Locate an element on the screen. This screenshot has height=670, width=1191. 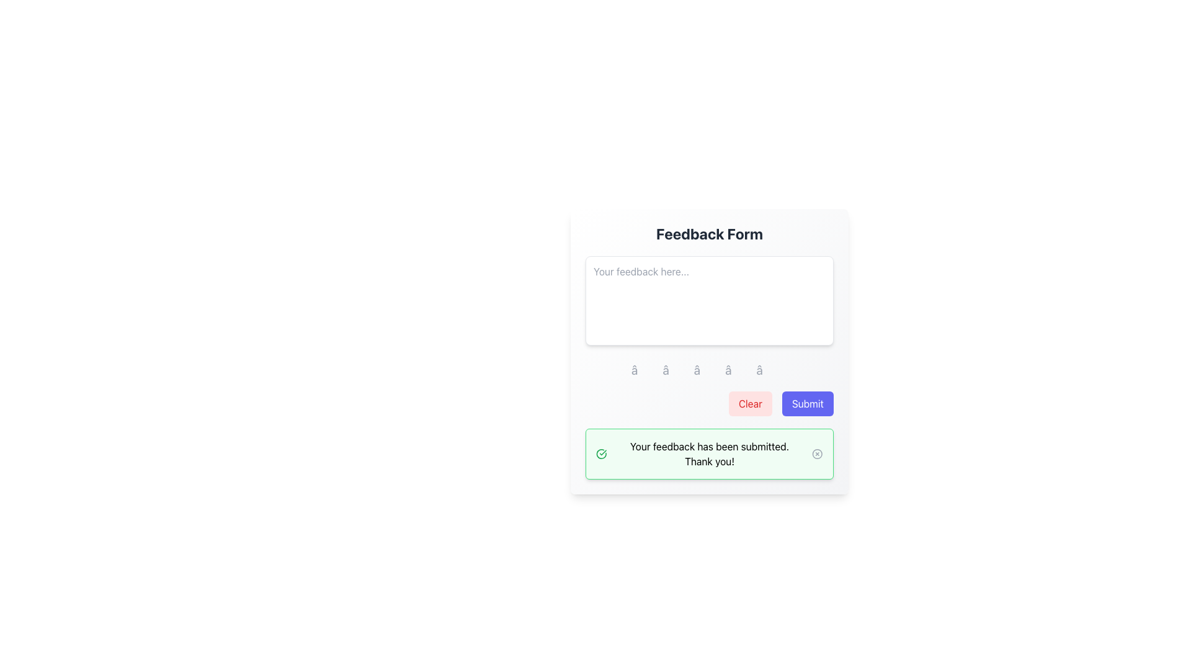
the dismiss button located to the immediate right of the message text 'Your feedback has been submitted. Thank you!' in the green-bordered notification box is located at coordinates (818, 454).